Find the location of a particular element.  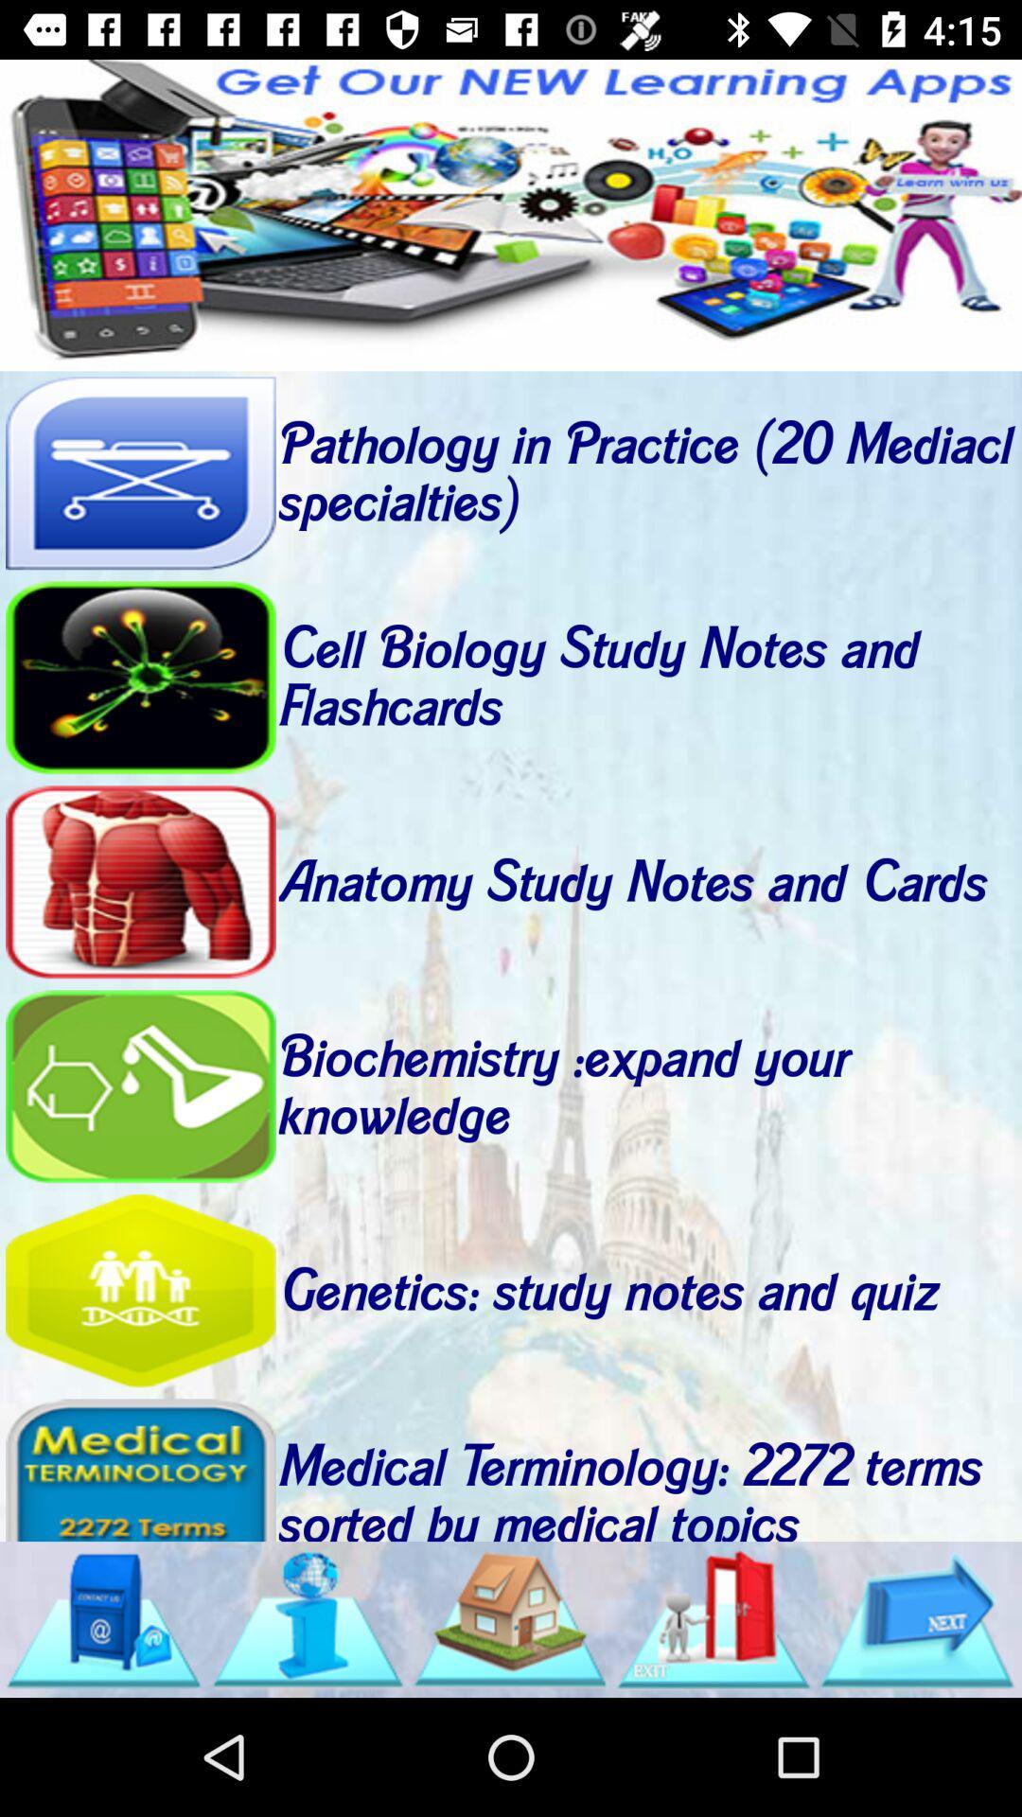

next is located at coordinates (916, 1618).